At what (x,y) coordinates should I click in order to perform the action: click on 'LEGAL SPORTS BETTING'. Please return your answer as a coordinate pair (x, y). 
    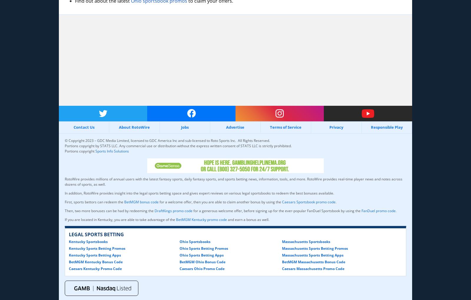
    Looking at the image, I should click on (96, 234).